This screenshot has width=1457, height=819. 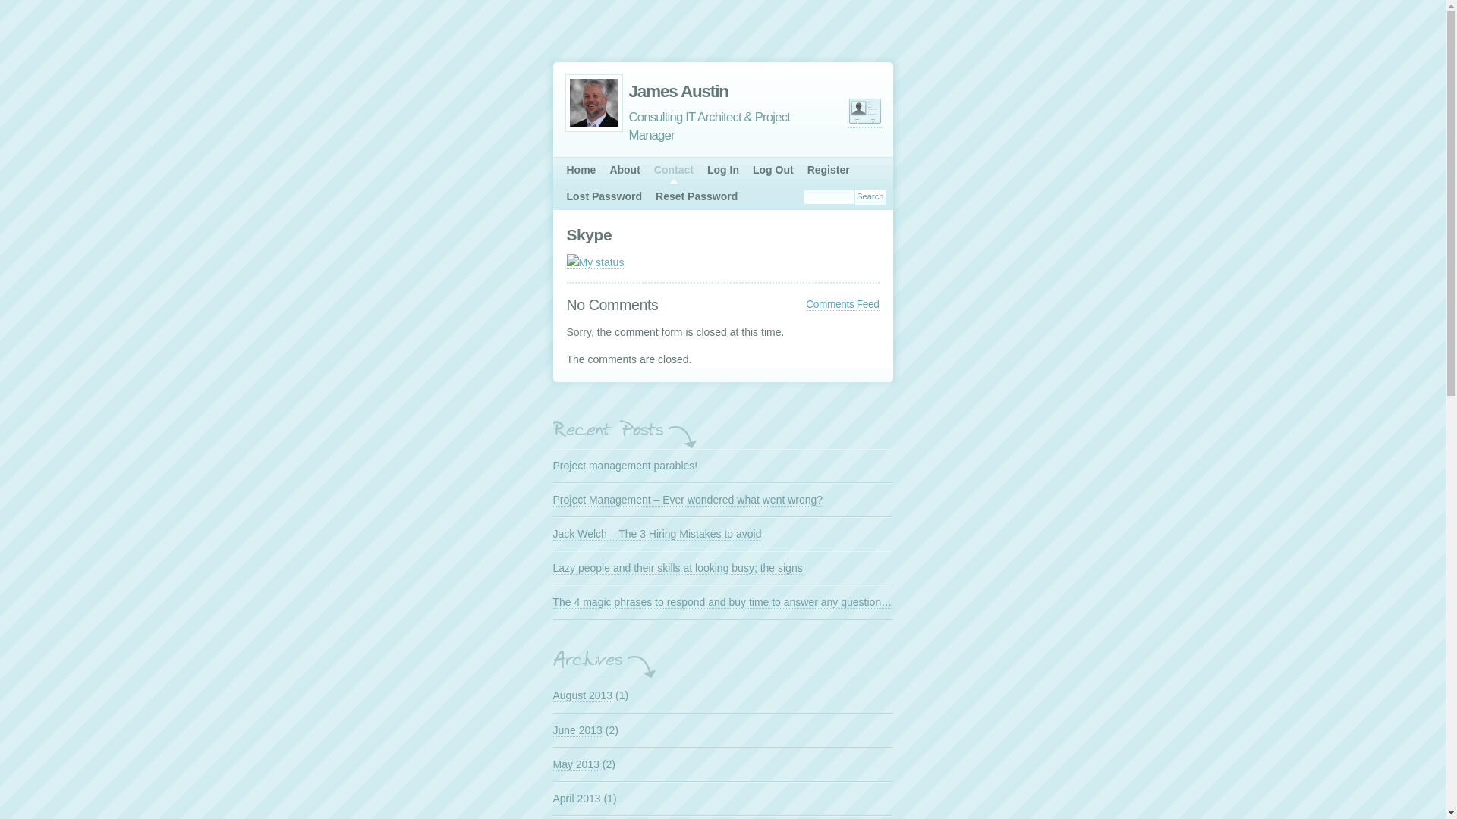 What do you see at coordinates (625, 465) in the screenshot?
I see `'Project management parables!'` at bounding box center [625, 465].